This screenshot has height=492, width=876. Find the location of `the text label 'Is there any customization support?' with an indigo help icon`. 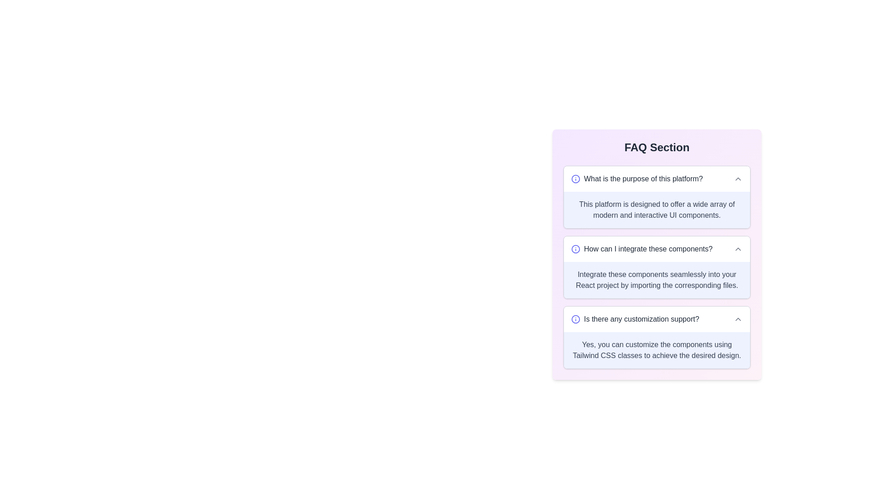

the text label 'Is there any customization support?' with an indigo help icon is located at coordinates (635, 319).